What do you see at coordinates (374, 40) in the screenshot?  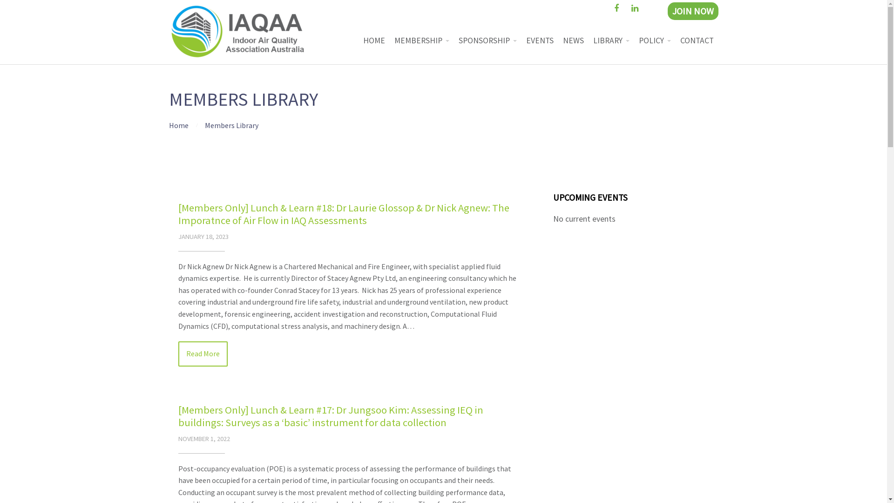 I see `'HOME'` at bounding box center [374, 40].